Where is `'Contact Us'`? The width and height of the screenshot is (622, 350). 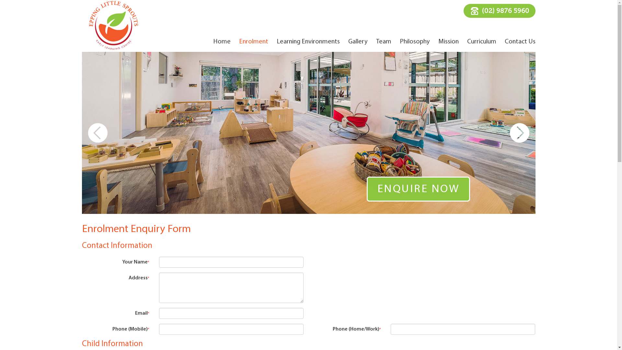 'Contact Us' is located at coordinates (520, 42).